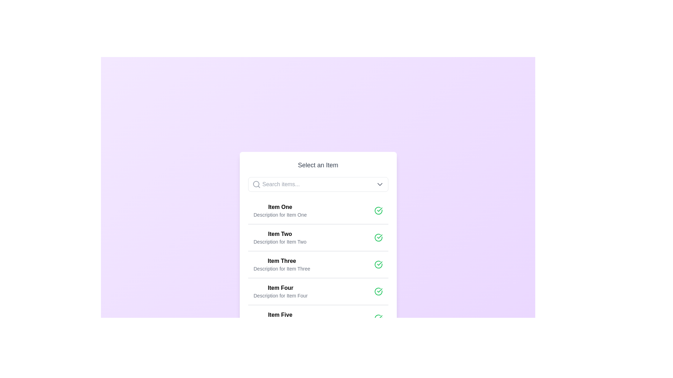 The width and height of the screenshot is (673, 378). What do you see at coordinates (378, 265) in the screenshot?
I see `the state of the icon indicating that 'Item Three' is selected or confirmed, located in the third list item aligned to the right side of its row` at bounding box center [378, 265].